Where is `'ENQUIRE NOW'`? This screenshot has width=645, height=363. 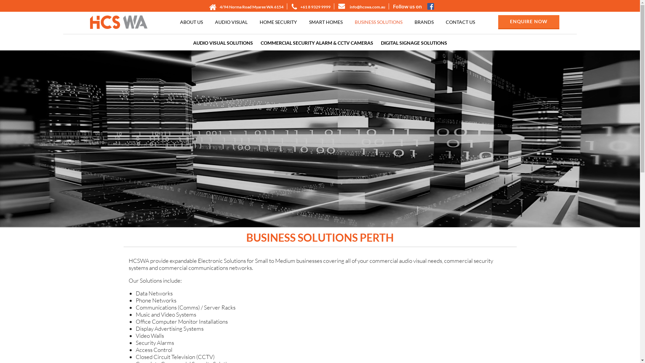 'ENQUIRE NOW' is located at coordinates (498, 22).